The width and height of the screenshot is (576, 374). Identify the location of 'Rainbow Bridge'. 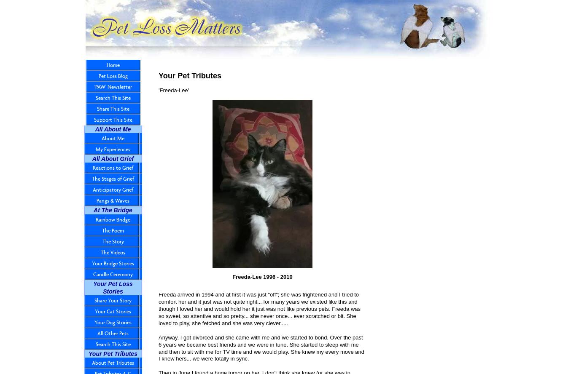
(113, 219).